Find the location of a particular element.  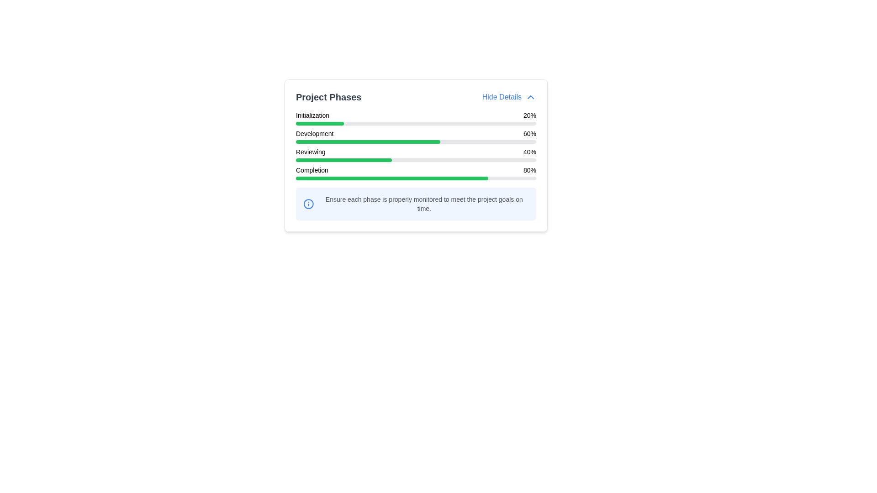

the progress bar labeled 'Reviewing' which indicates 40% completion, positioned between the 'Development' and 'Completion' bars is located at coordinates (416, 155).